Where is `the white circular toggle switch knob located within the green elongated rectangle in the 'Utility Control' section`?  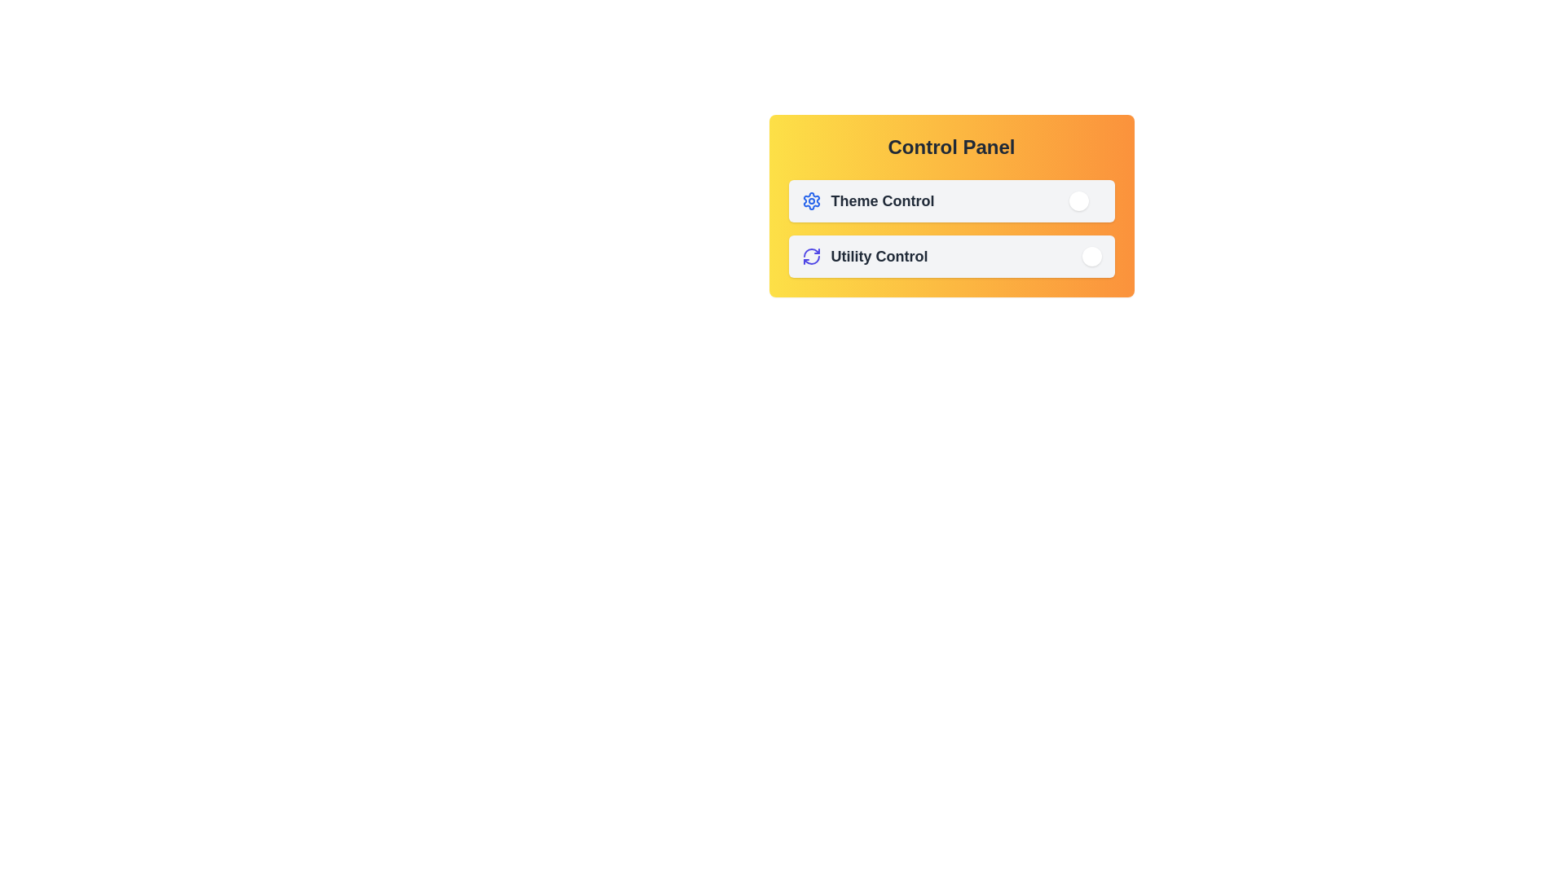 the white circular toggle switch knob located within the green elongated rectangle in the 'Utility Control' section is located at coordinates (1091, 257).